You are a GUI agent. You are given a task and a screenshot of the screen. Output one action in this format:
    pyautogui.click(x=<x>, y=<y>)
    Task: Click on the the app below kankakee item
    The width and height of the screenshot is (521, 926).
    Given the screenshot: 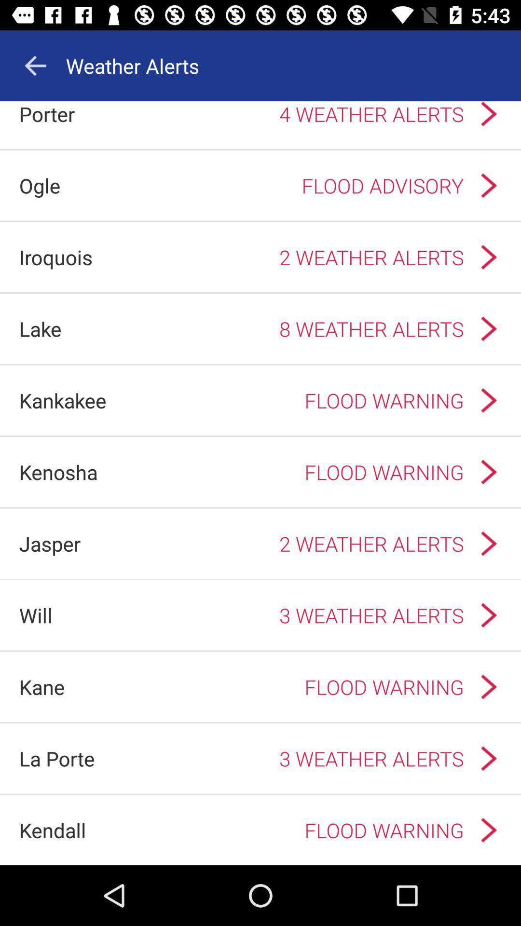 What is the action you would take?
    pyautogui.click(x=58, y=472)
    